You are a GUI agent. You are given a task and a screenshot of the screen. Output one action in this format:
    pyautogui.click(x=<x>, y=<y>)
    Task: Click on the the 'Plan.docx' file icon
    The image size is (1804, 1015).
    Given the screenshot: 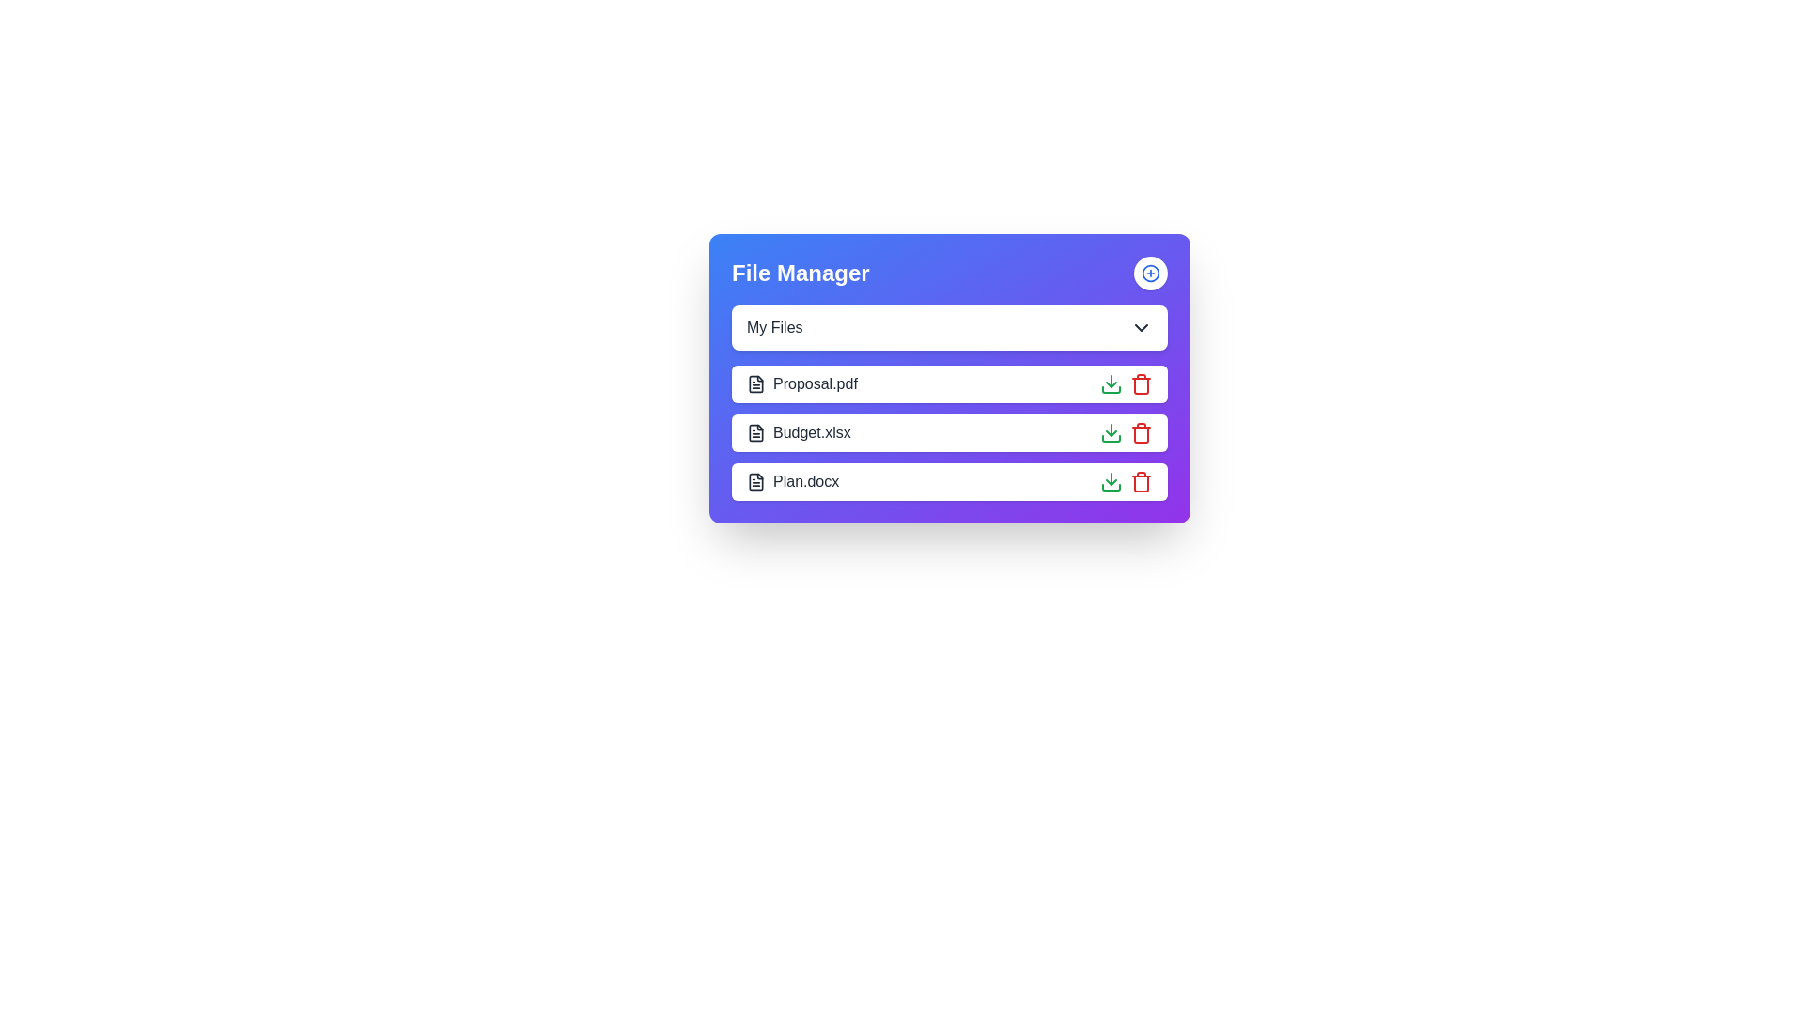 What is the action you would take?
    pyautogui.click(x=756, y=481)
    